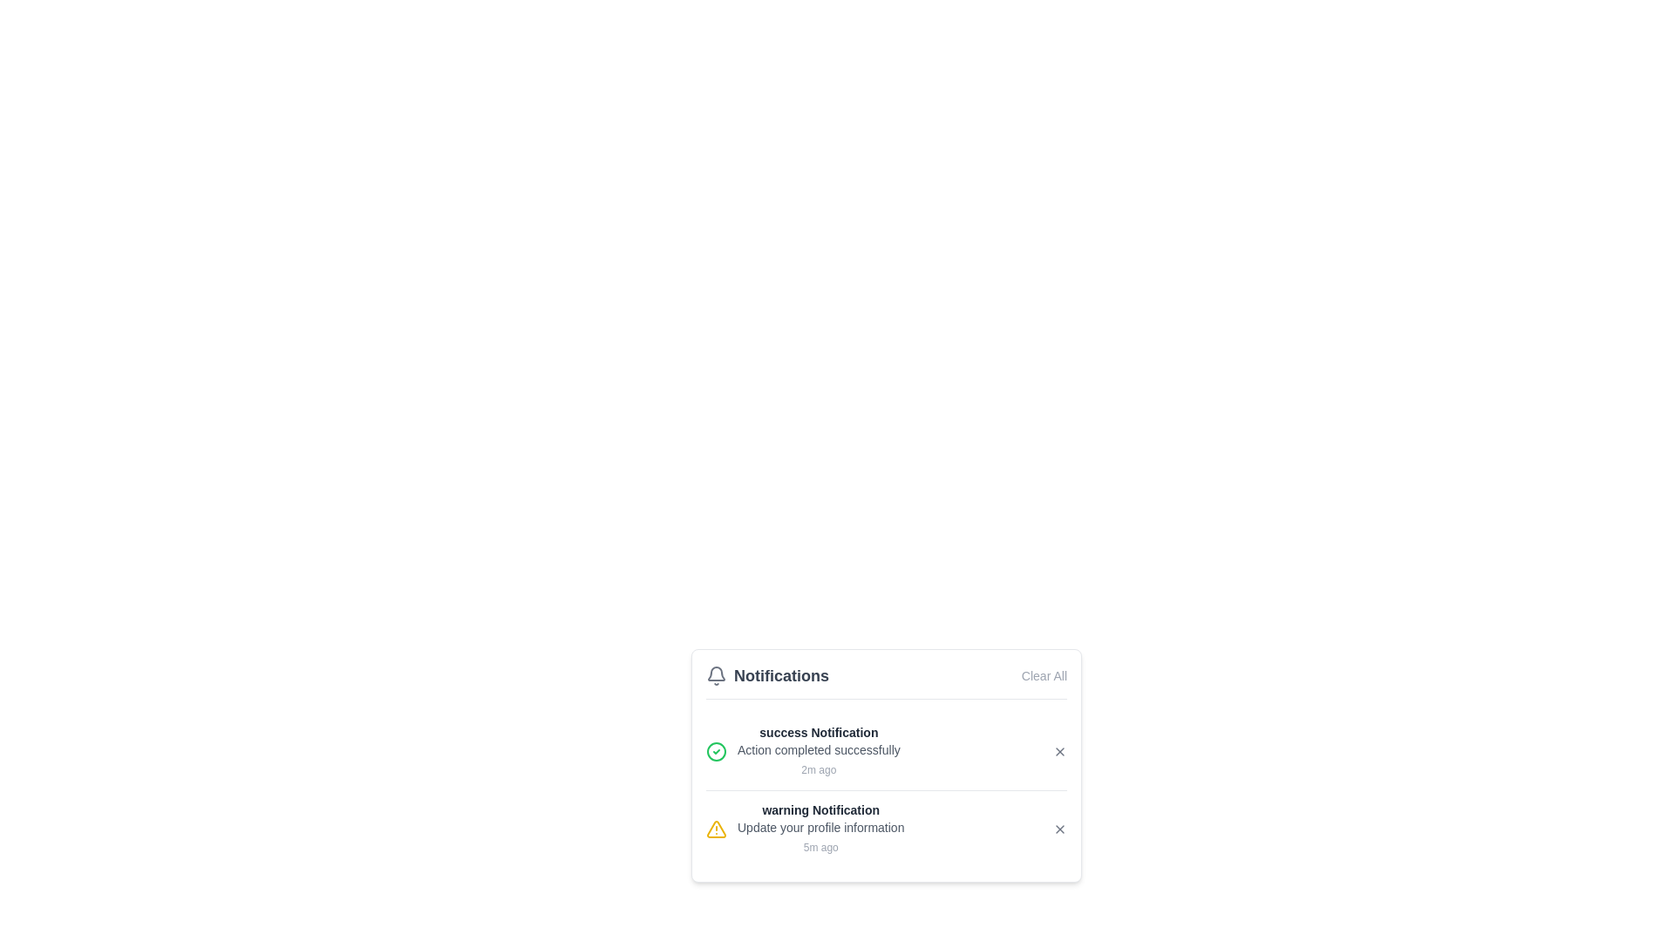  Describe the element at coordinates (887, 751) in the screenshot. I see `the success notification element in the notification panel, which is the first entry in the list of notifications` at that location.